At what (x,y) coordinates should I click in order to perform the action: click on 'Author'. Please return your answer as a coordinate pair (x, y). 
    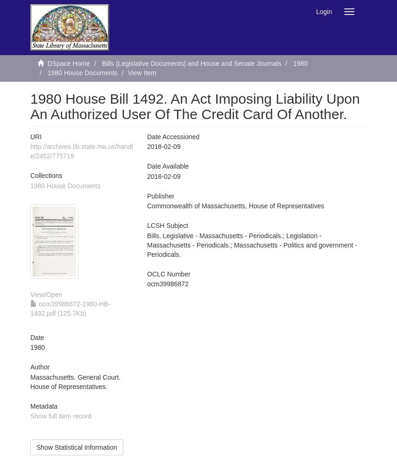
    Looking at the image, I should click on (40, 367).